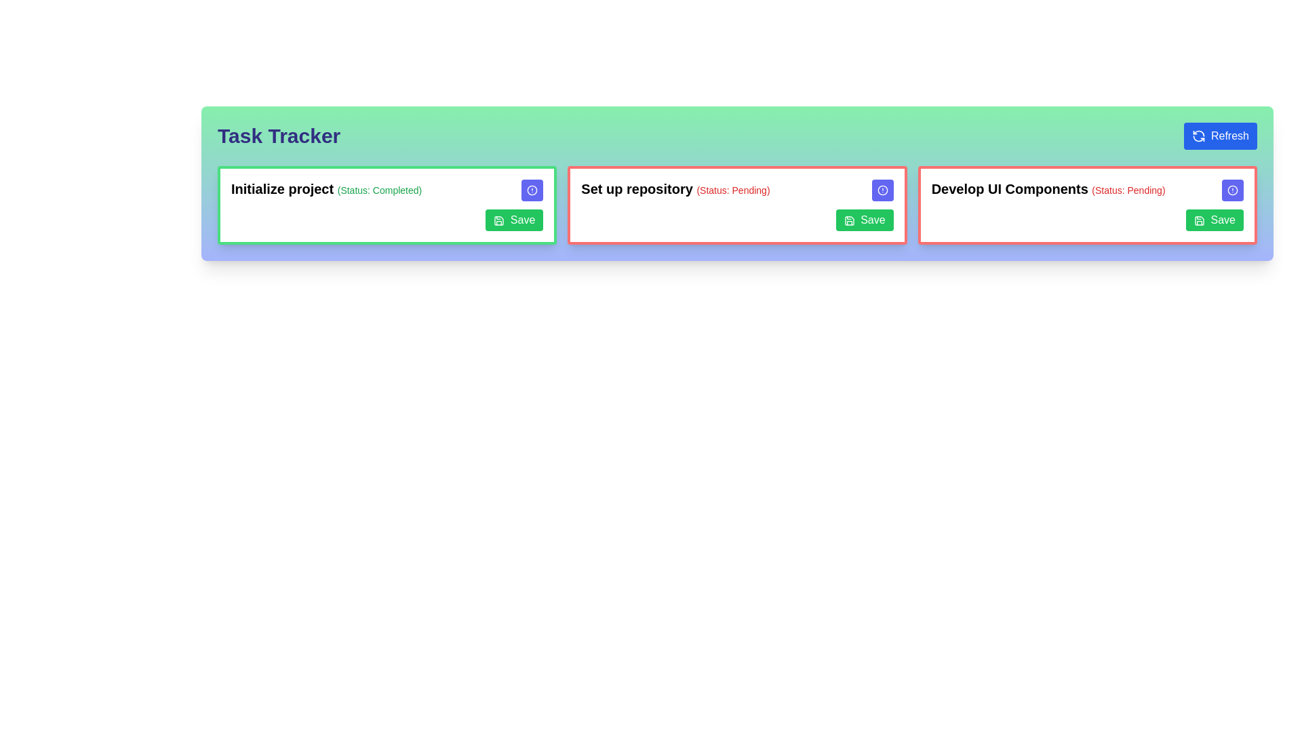 This screenshot has height=732, width=1302. Describe the element at coordinates (532, 190) in the screenshot. I see `the circular icon with a blue background located at the top-right of the 'Initialize project' task card button` at that location.